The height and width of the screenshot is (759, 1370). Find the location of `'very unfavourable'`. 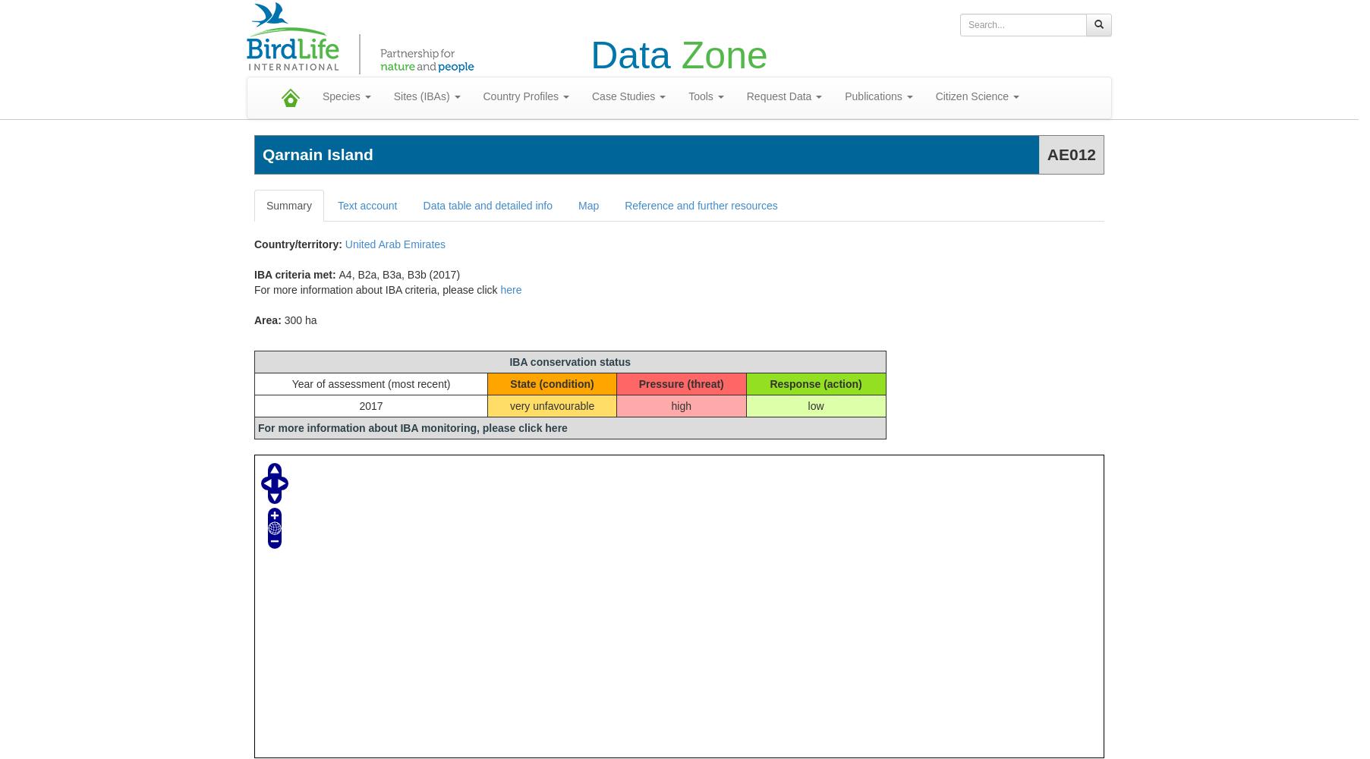

'very unfavourable' is located at coordinates (551, 406).